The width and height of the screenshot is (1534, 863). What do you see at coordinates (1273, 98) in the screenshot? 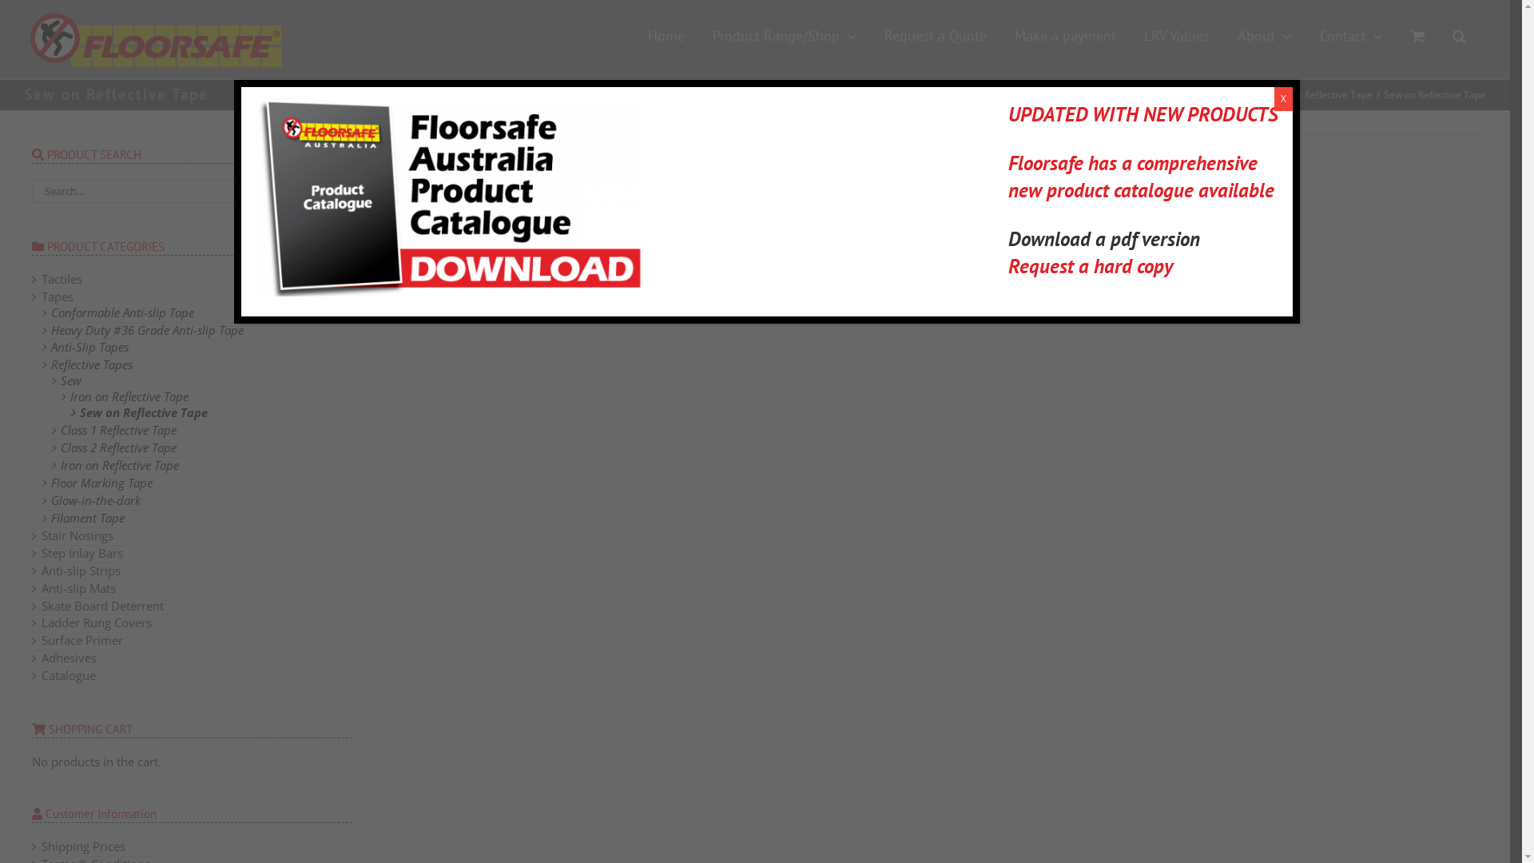
I see `'X'` at bounding box center [1273, 98].